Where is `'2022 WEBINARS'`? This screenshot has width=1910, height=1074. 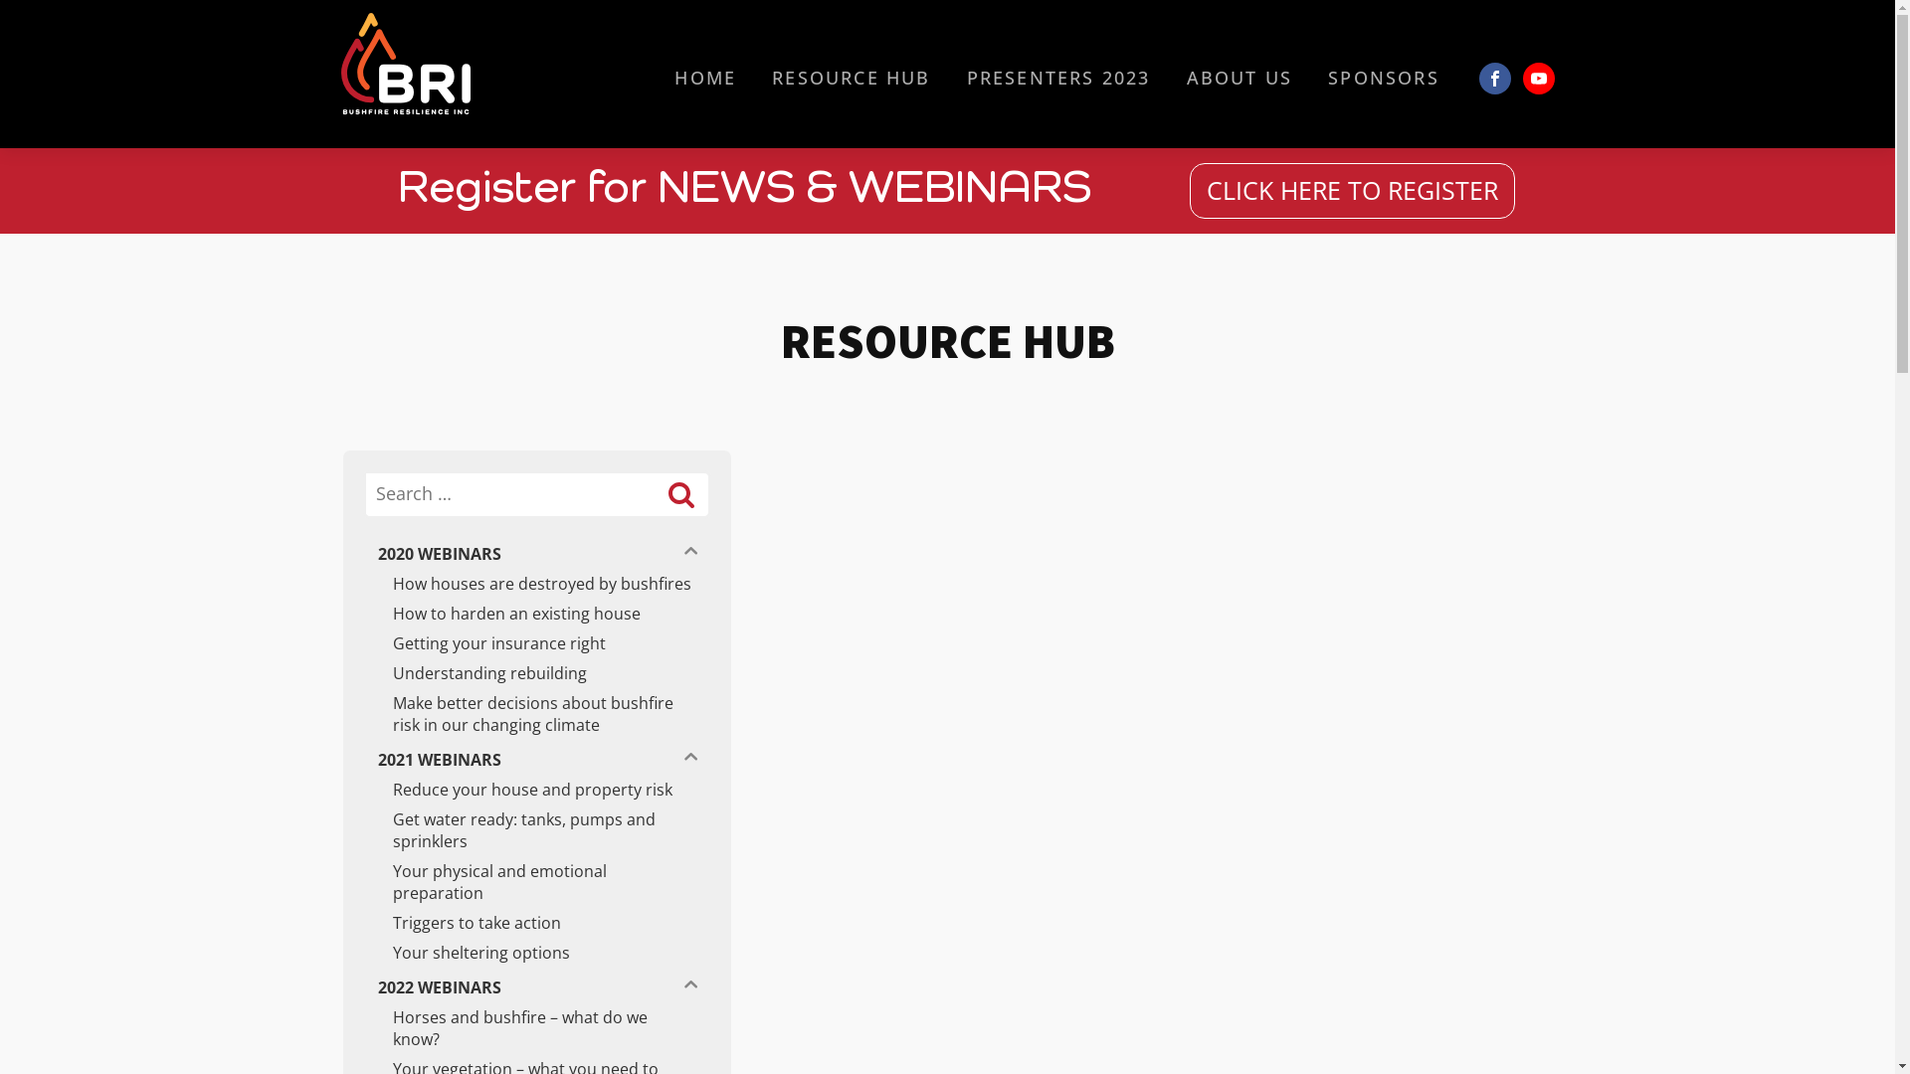 '2022 WEBINARS' is located at coordinates (515, 986).